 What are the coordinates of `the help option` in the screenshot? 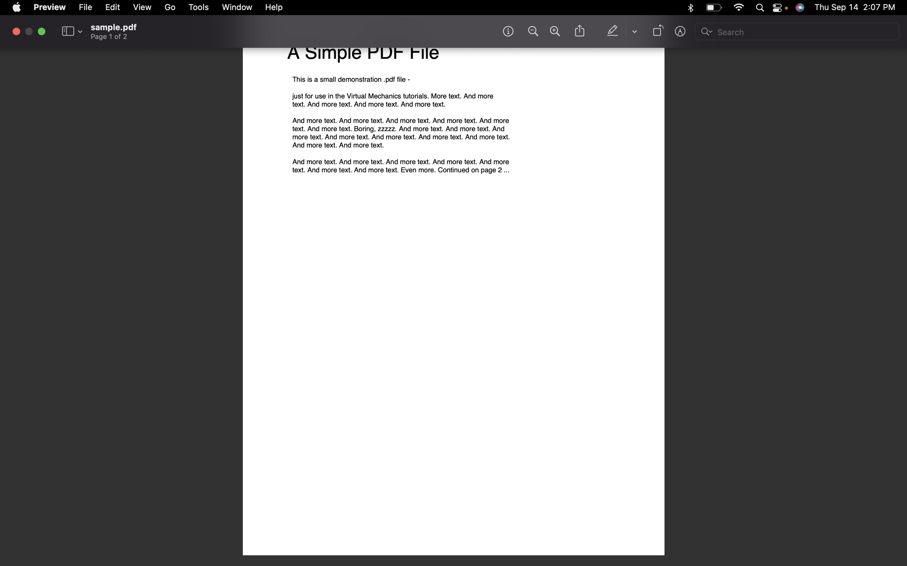 It's located at (274, 8).